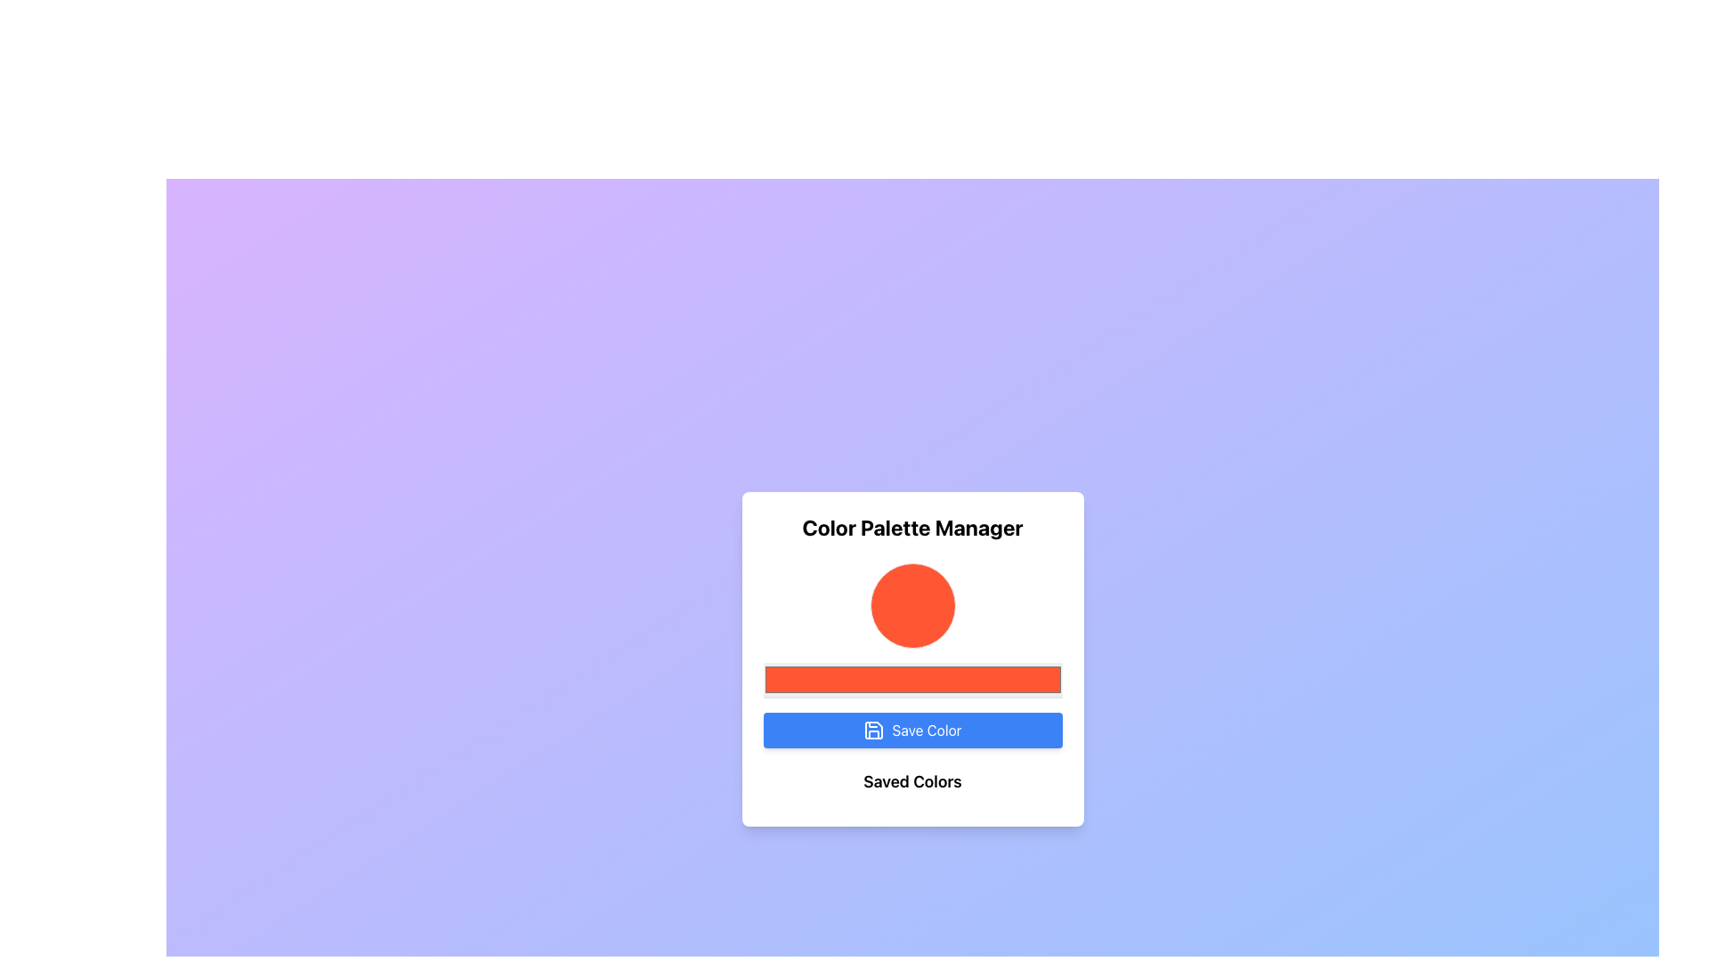 Image resolution: width=1709 pixels, height=961 pixels. What do you see at coordinates (912, 680) in the screenshot?
I see `the rectangular color input field with an orange fill located beneath the circular color display and above the 'Save Color' button` at bounding box center [912, 680].